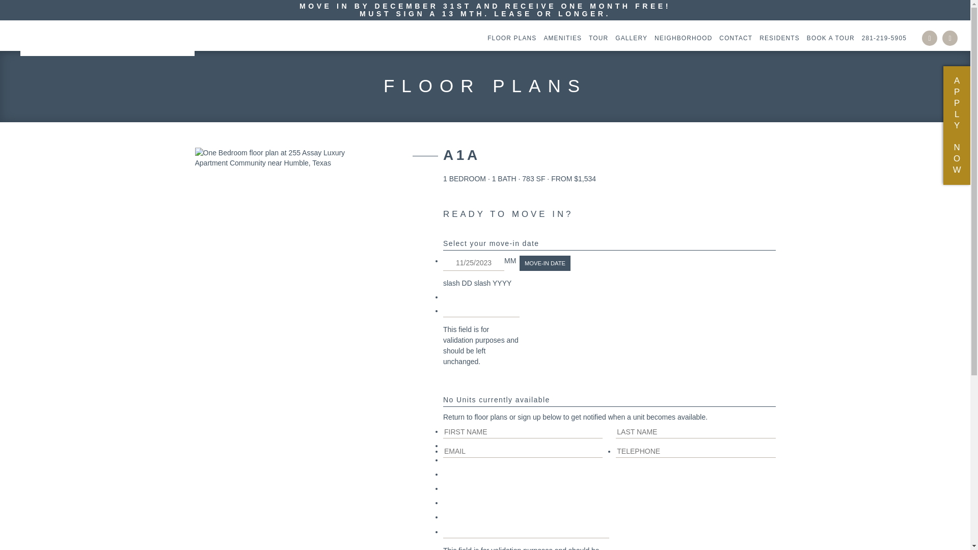 The image size is (978, 550). What do you see at coordinates (956, 125) in the screenshot?
I see `'A` at bounding box center [956, 125].